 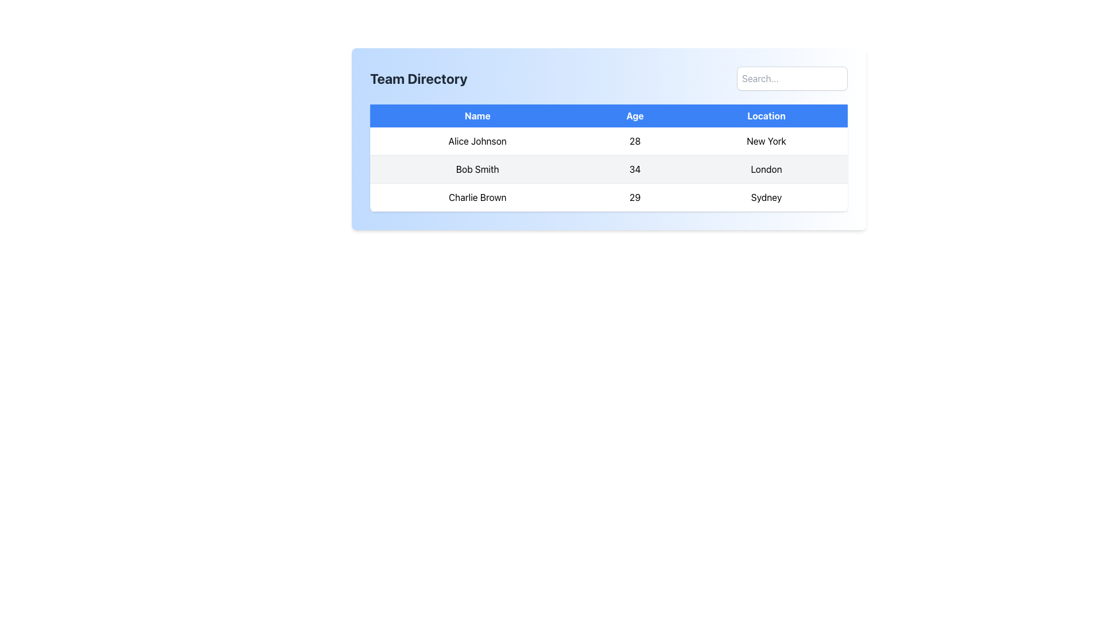 I want to click on the second row of the table containing 'Bob Smith', '34', and 'London' to highlight details, so click(x=608, y=169).